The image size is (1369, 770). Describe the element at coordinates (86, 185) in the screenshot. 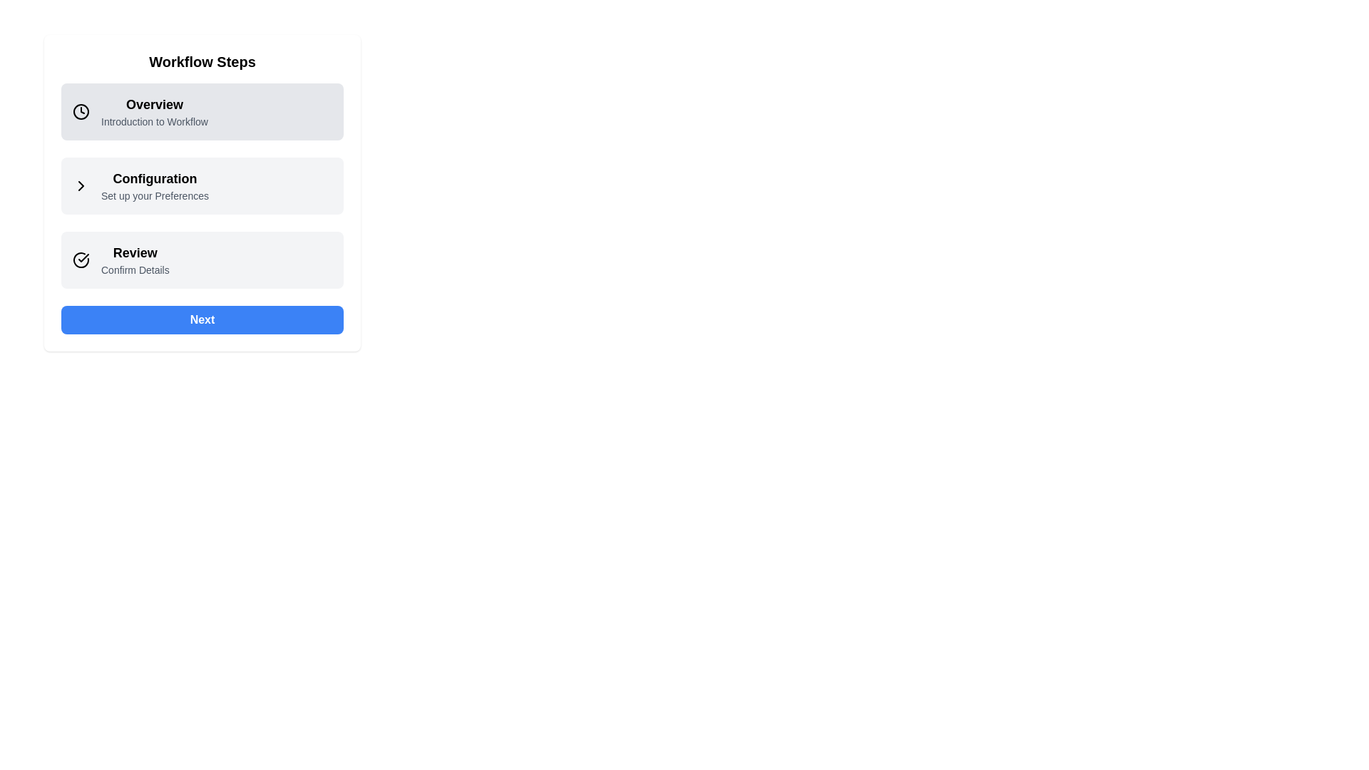

I see `the right-facing arrow icon that is located to the left of the 'Configuration' text block, indicating forward navigation` at that location.